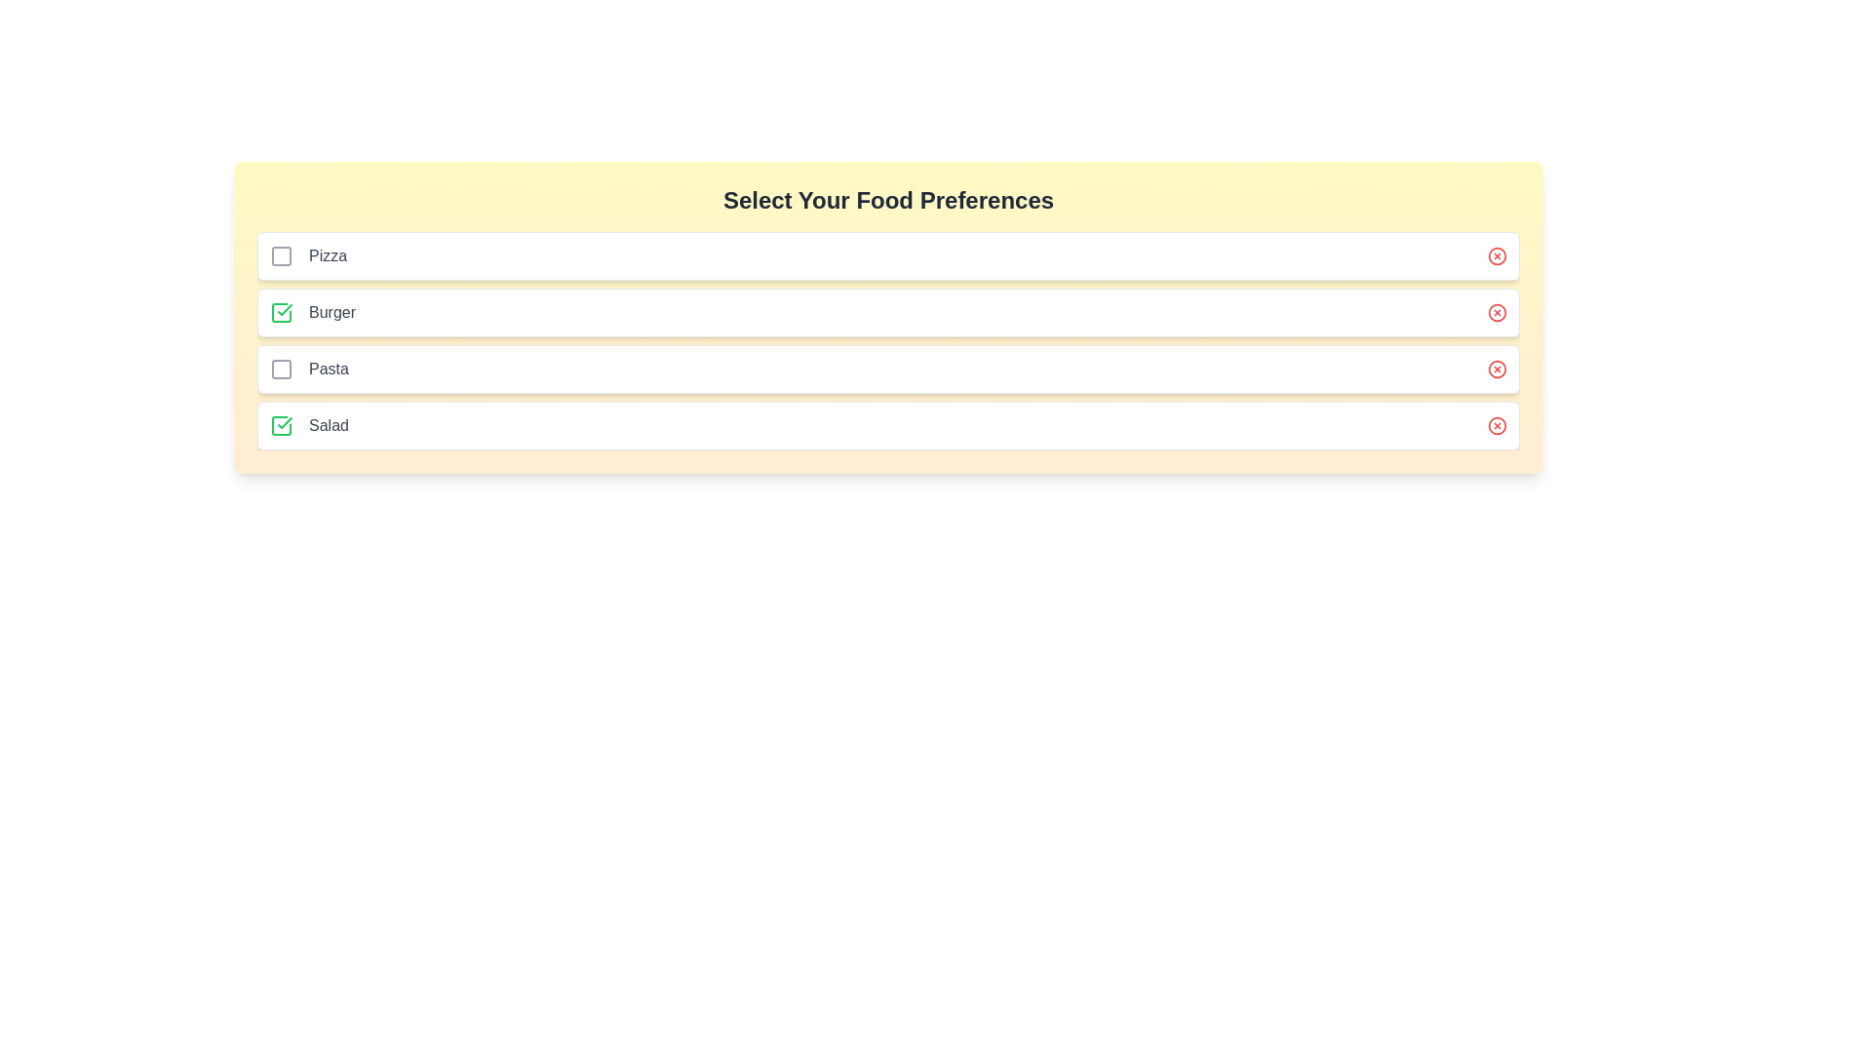  Describe the element at coordinates (1497, 369) in the screenshot. I see `the delete button located on the far-right side of the 'Pasta' row` at that location.